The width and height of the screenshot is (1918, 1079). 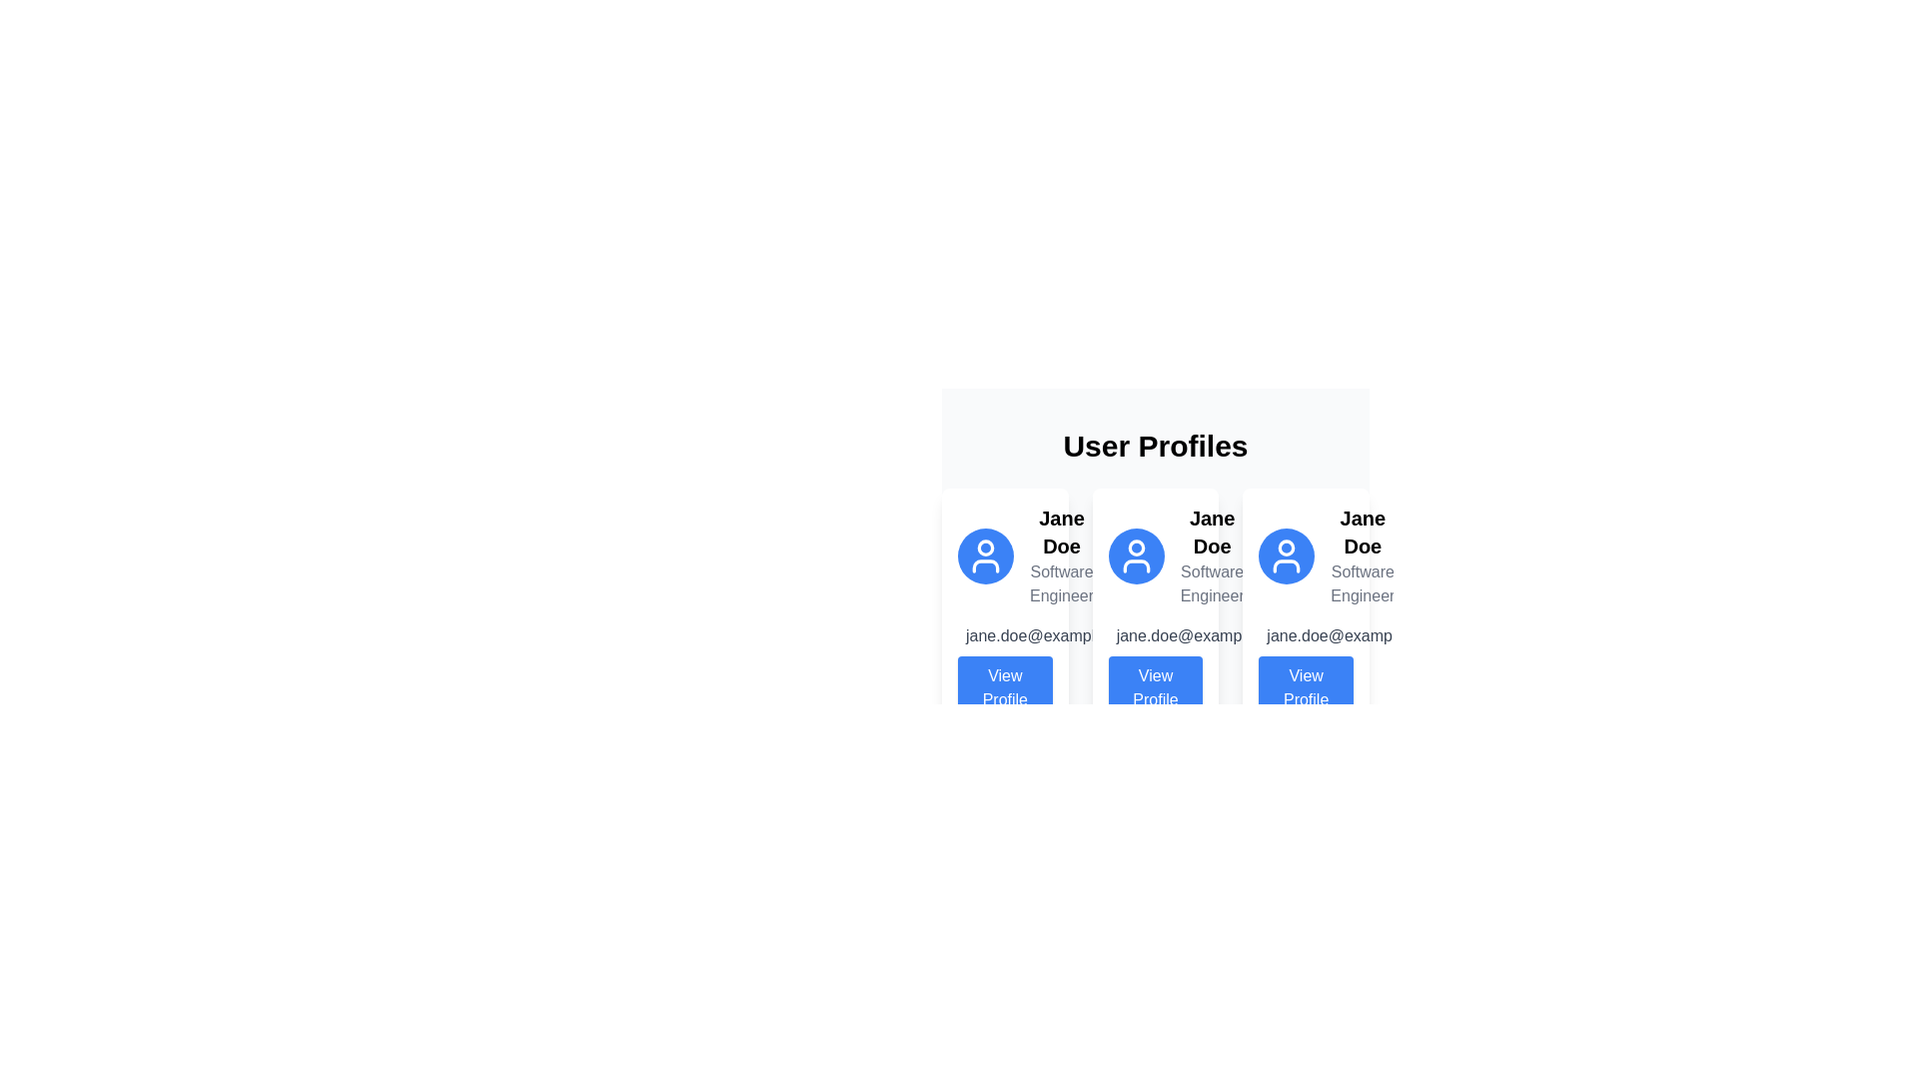 What do you see at coordinates (1362, 584) in the screenshot?
I see `the static text label conveying the professional title of the person in the profile, located beneath 'Jane Doe' and above the email address in the third profile card` at bounding box center [1362, 584].